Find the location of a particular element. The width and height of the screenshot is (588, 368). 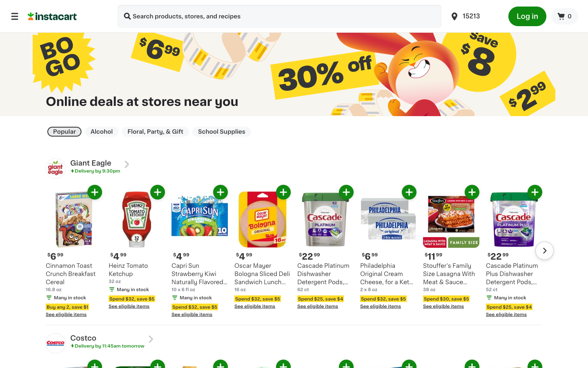

Arrange based on Alcohol Group is located at coordinates (101, 131).